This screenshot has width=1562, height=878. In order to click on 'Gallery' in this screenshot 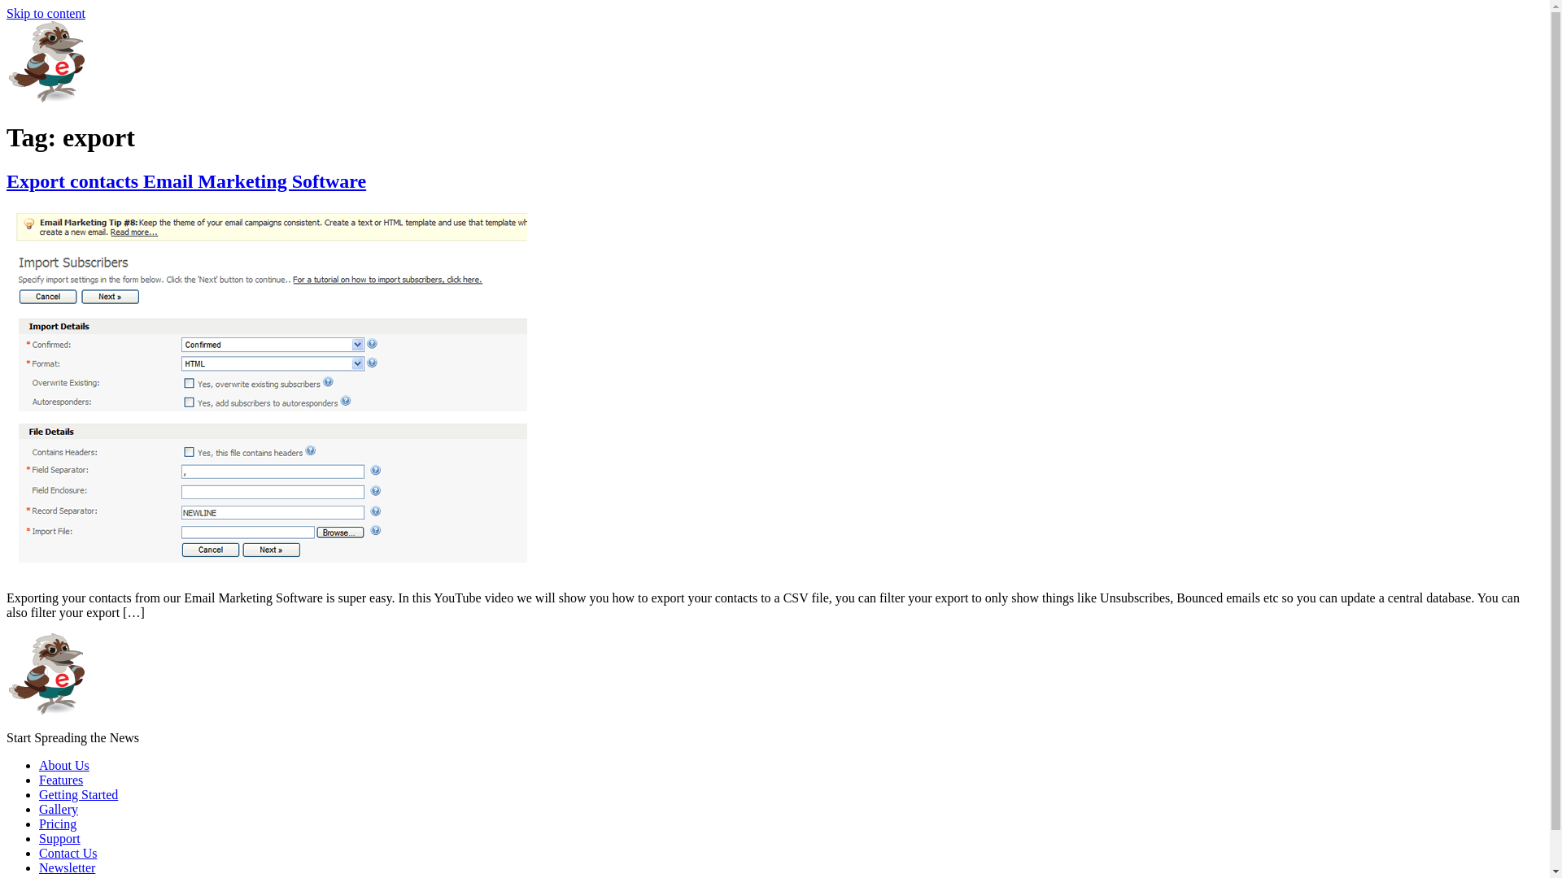, I will do `click(59, 809)`.